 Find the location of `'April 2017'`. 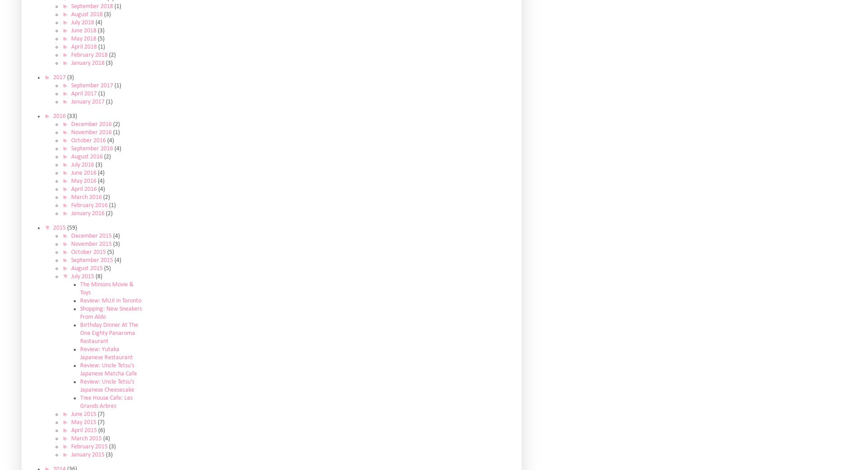

'April 2017' is located at coordinates (83, 93).